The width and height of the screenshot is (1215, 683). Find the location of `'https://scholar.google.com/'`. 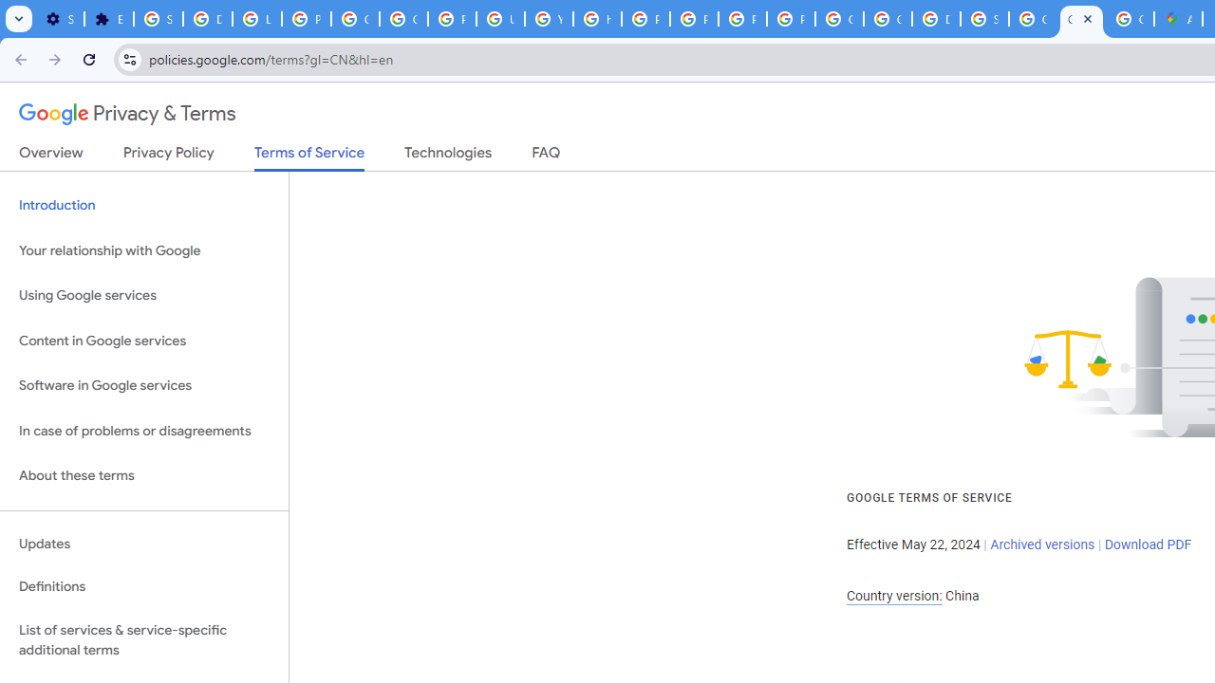

'https://scholar.google.com/' is located at coordinates (596, 19).